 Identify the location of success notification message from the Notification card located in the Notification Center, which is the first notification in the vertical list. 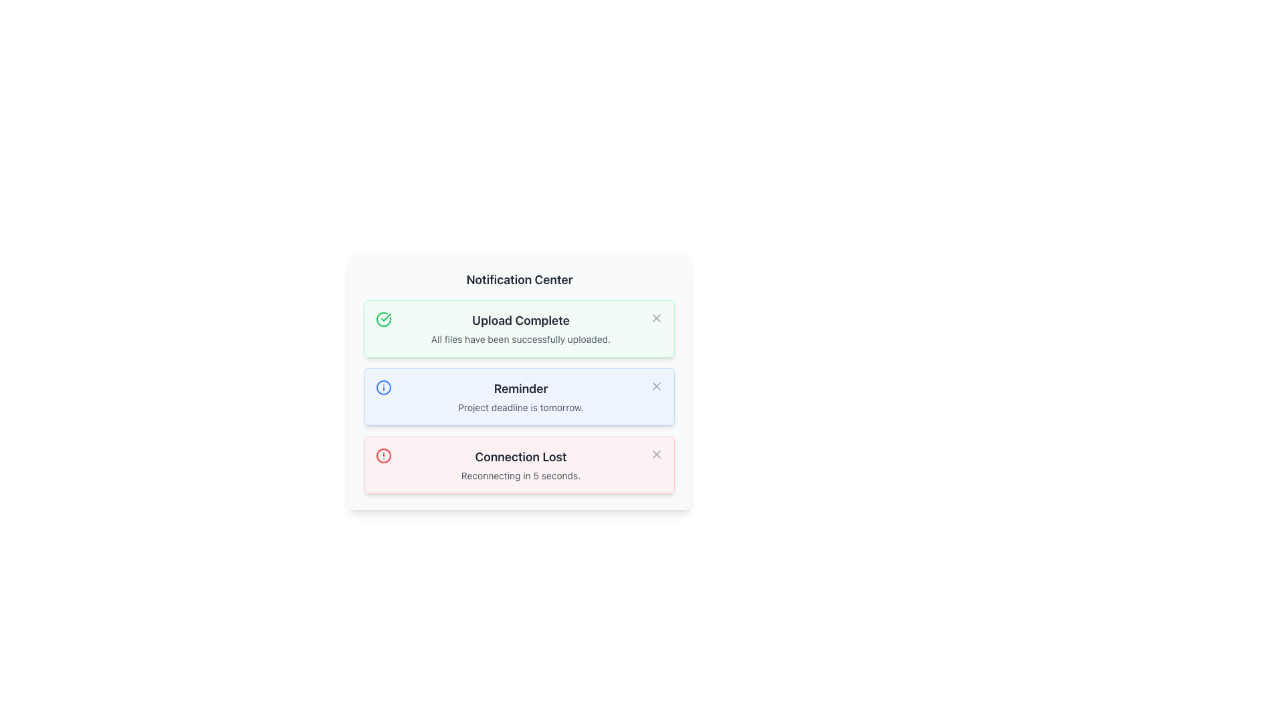
(519, 329).